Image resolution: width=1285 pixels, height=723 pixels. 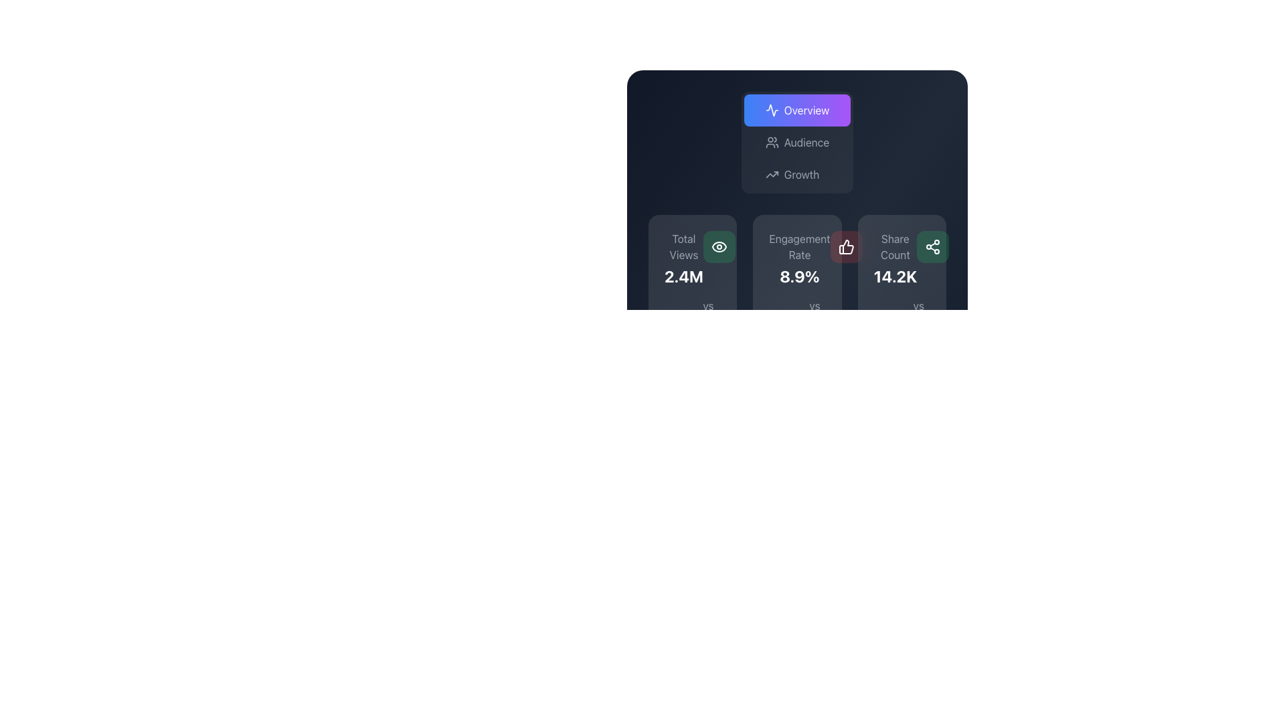 What do you see at coordinates (895, 275) in the screenshot?
I see `the static text label displaying '14.2K', which is bold and white on a dark background, located below 'Share Count' in the rightmost column` at bounding box center [895, 275].